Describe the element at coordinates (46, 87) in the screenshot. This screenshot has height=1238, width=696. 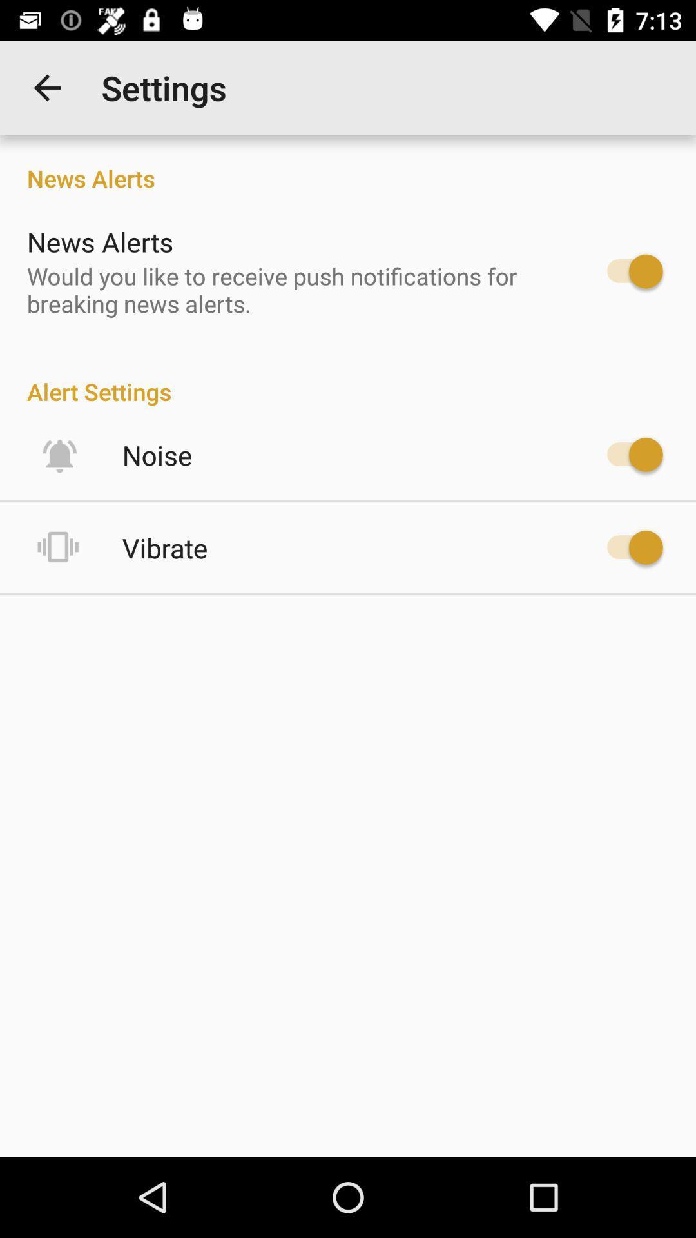
I see `item to the left of settings  app` at that location.